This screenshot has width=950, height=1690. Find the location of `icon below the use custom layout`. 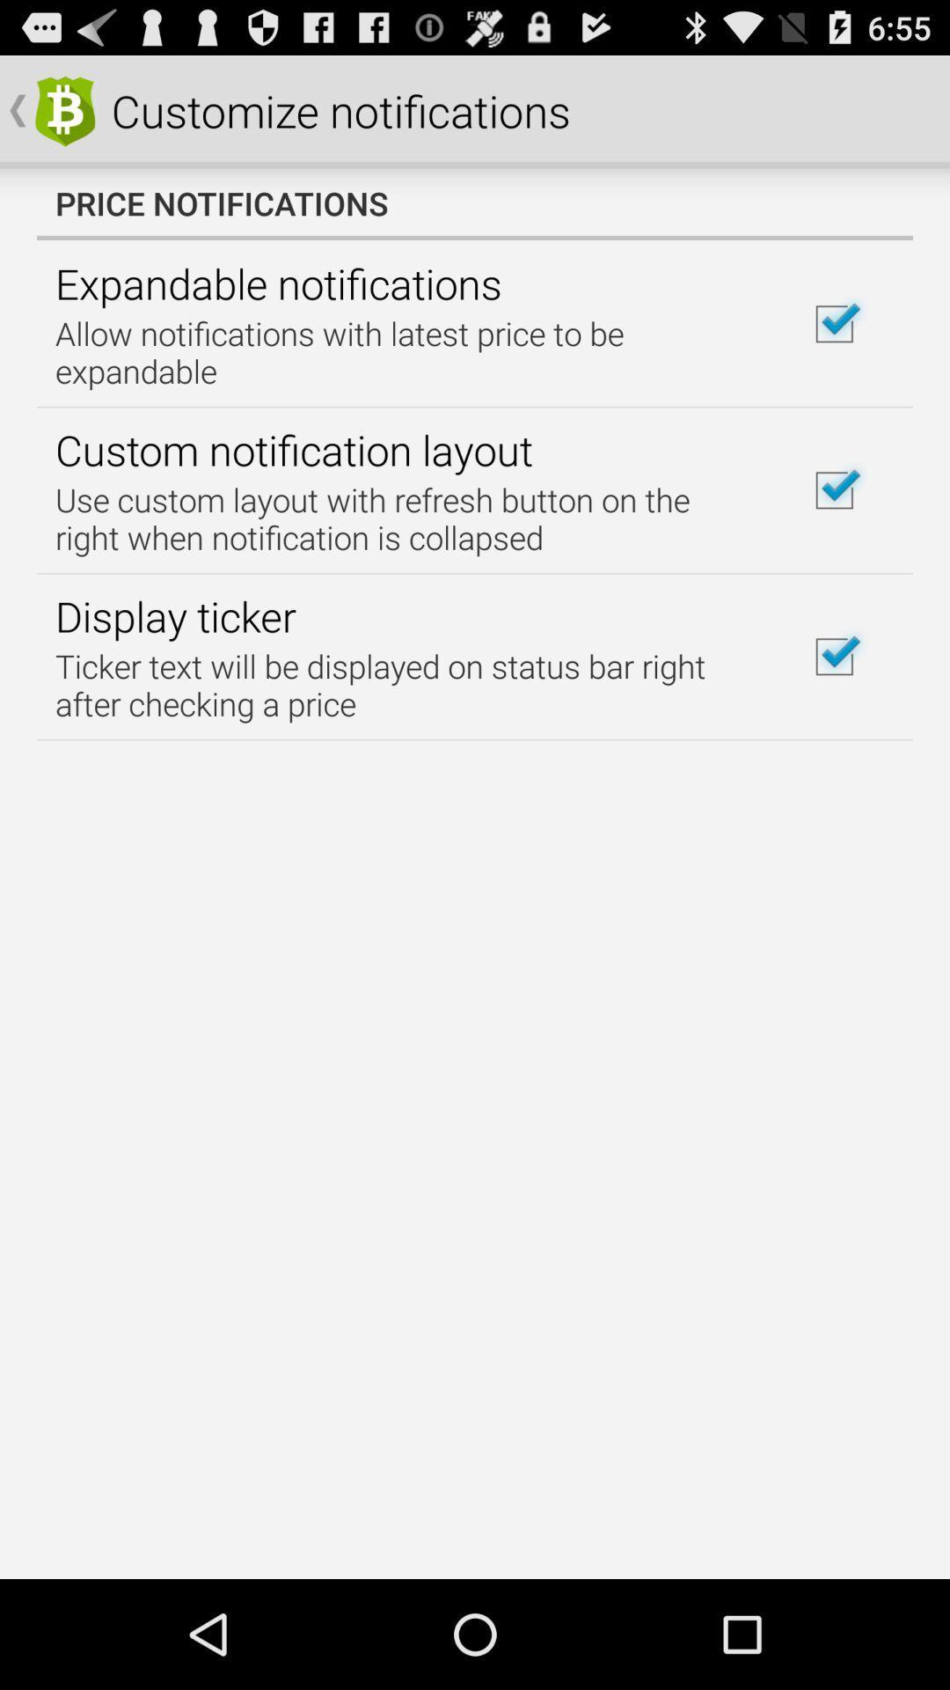

icon below the use custom layout is located at coordinates (175, 616).